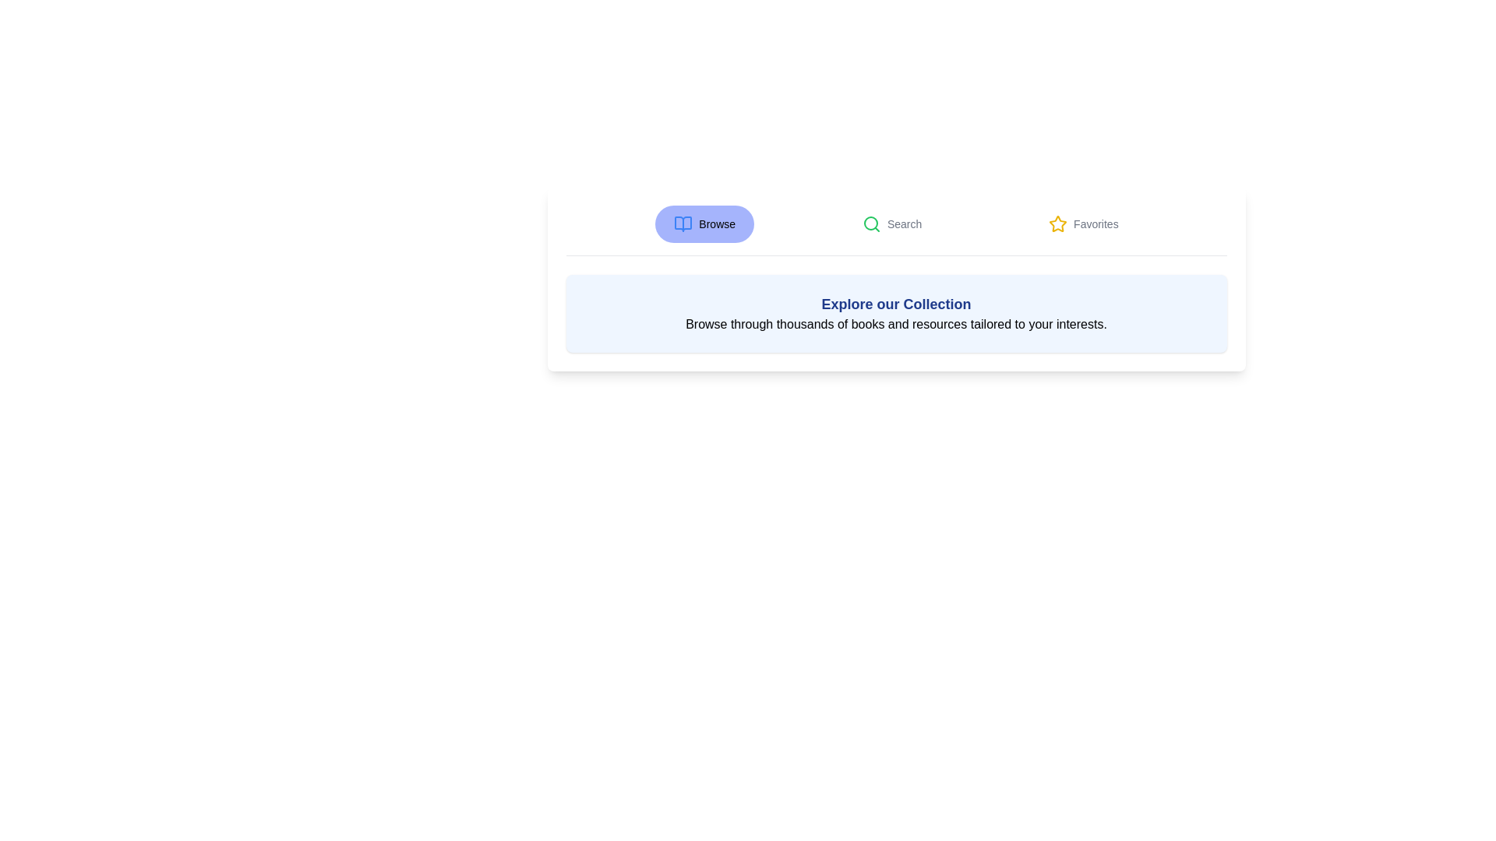 Image resolution: width=1496 pixels, height=841 pixels. I want to click on the Search tab by clicking on its respective button, so click(892, 224).